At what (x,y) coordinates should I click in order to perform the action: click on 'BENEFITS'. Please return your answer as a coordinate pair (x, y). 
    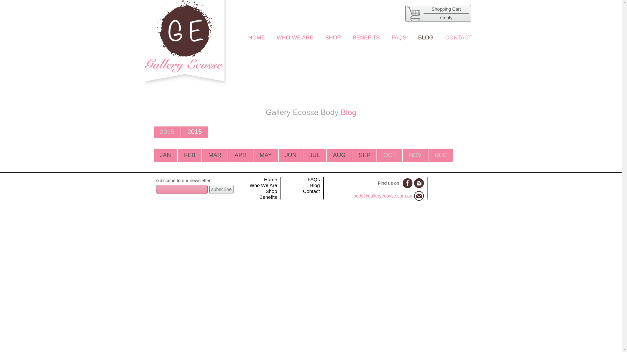
    Looking at the image, I should click on (352, 37).